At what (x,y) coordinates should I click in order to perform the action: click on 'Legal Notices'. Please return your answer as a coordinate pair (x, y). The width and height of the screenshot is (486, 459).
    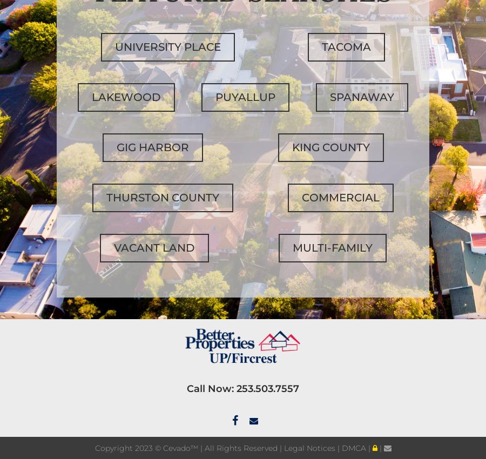
    Looking at the image, I should click on (282, 448).